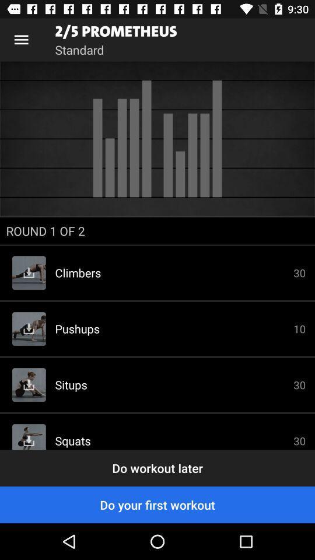 The height and width of the screenshot is (560, 315). Describe the element at coordinates (157, 139) in the screenshot. I see `item above round 1 of` at that location.